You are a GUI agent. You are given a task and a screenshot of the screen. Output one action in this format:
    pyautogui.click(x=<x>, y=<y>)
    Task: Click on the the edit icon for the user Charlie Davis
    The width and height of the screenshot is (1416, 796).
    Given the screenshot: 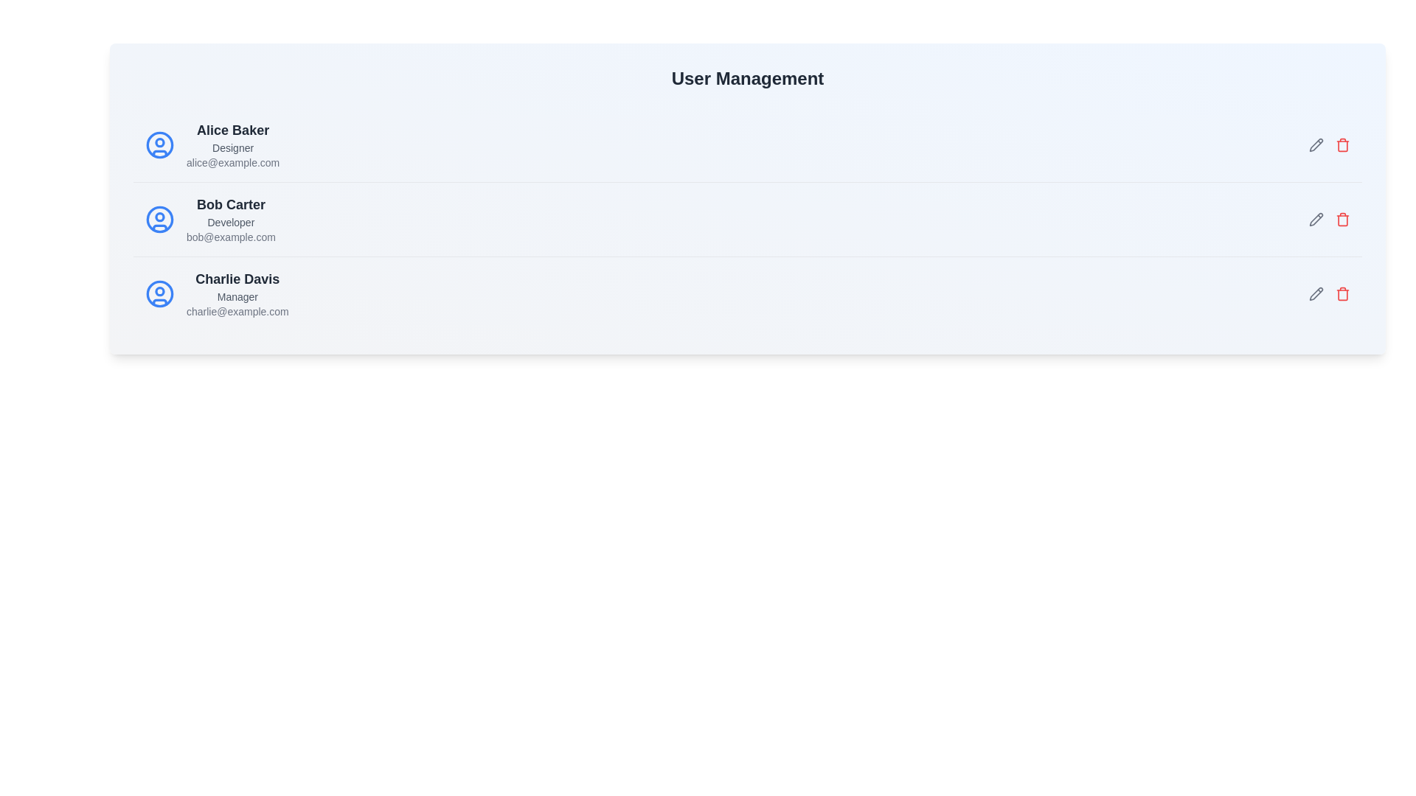 What is the action you would take?
    pyautogui.click(x=1316, y=293)
    